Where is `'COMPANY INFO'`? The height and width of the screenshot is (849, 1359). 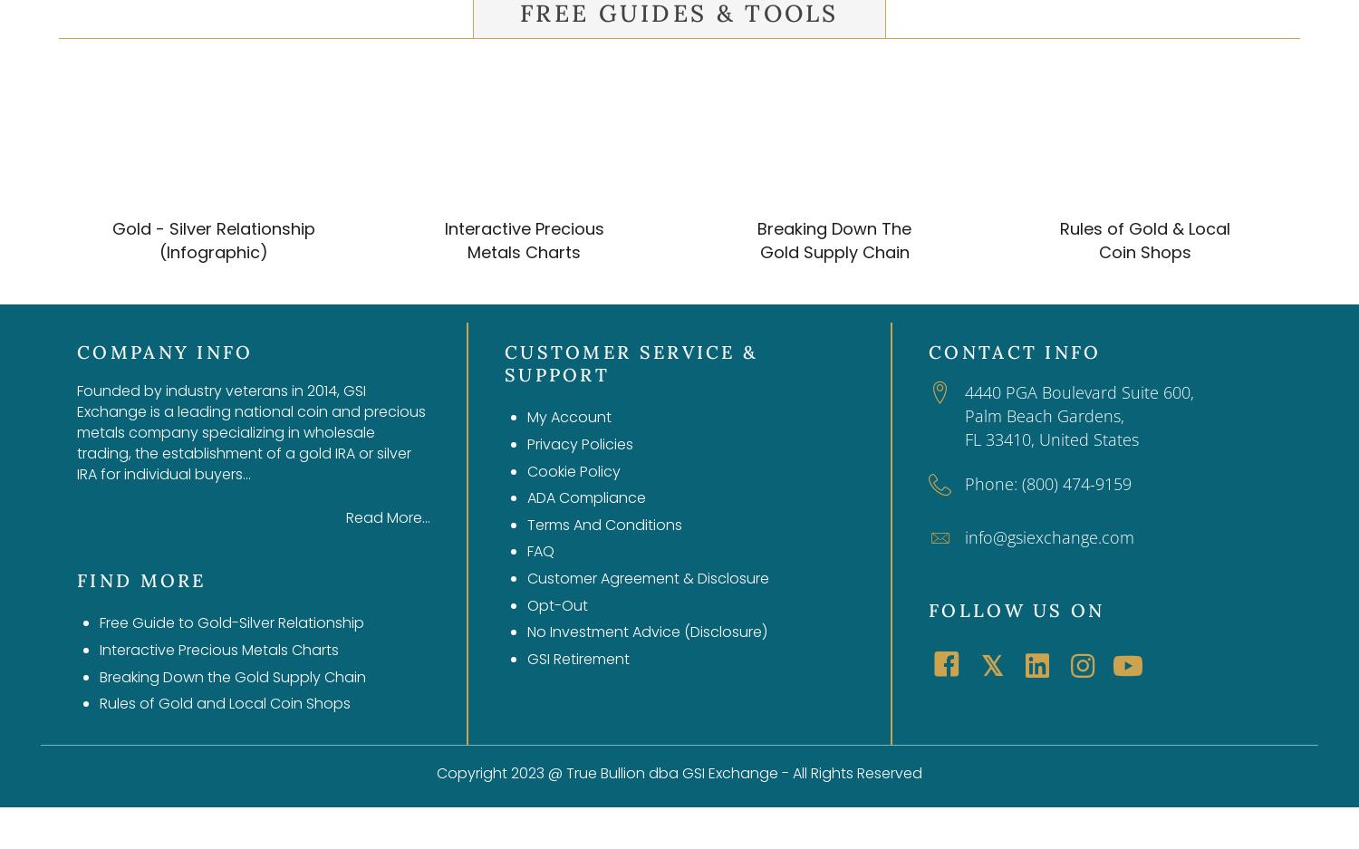 'COMPANY INFO' is located at coordinates (164, 351).